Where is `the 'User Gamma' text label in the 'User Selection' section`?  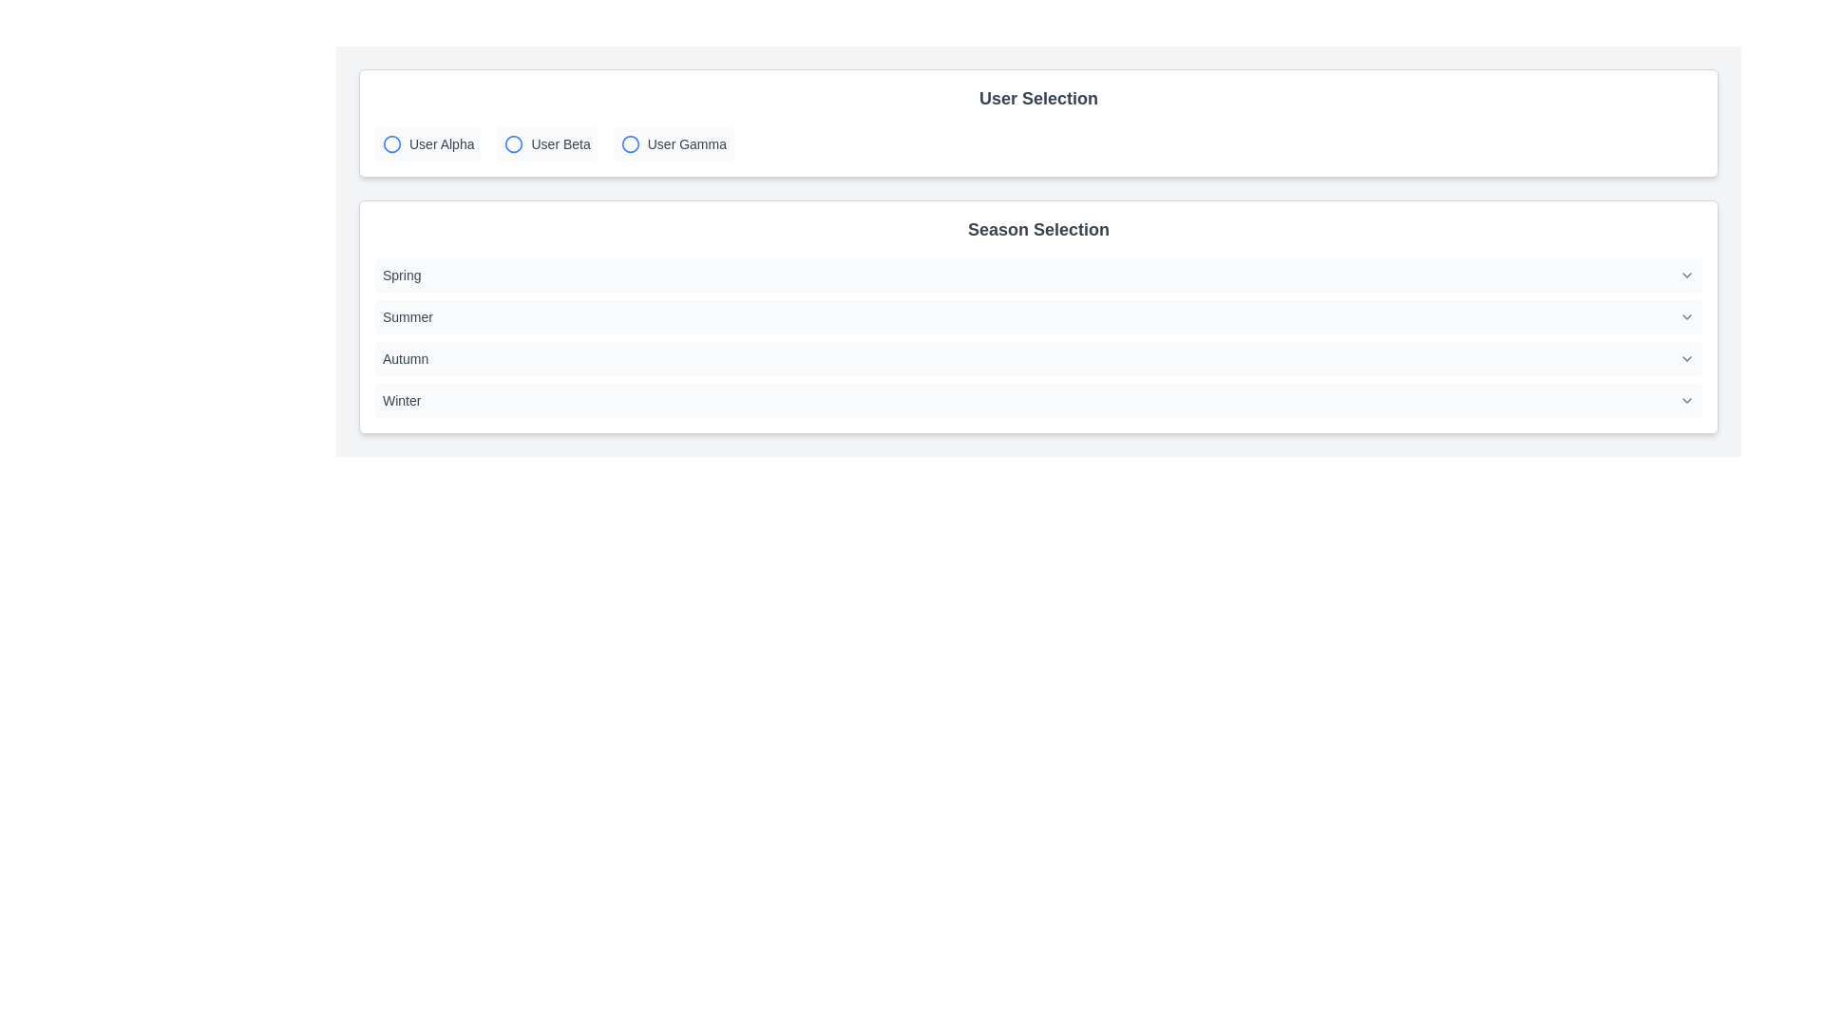 the 'User Gamma' text label in the 'User Selection' section is located at coordinates (686, 142).